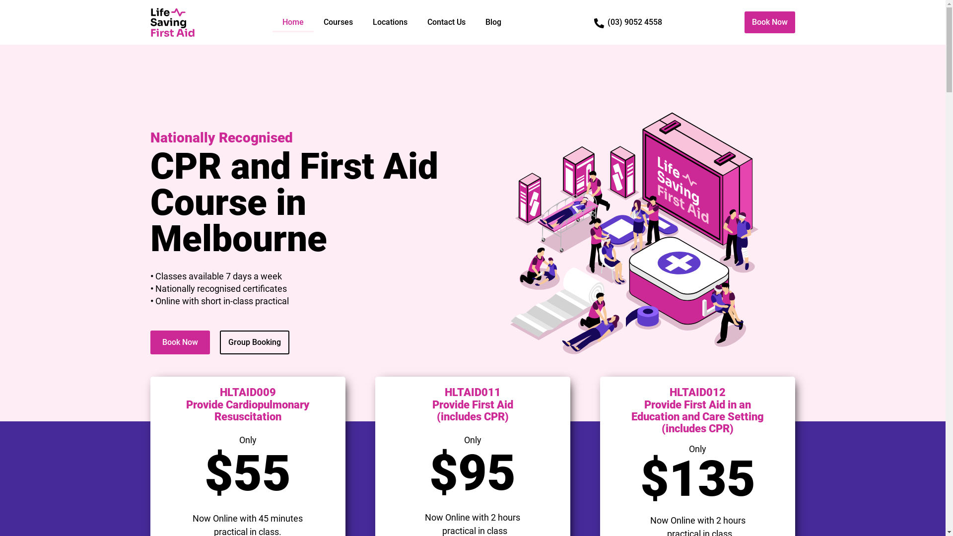 Image resolution: width=953 pixels, height=536 pixels. What do you see at coordinates (179, 342) in the screenshot?
I see `'Book Now'` at bounding box center [179, 342].